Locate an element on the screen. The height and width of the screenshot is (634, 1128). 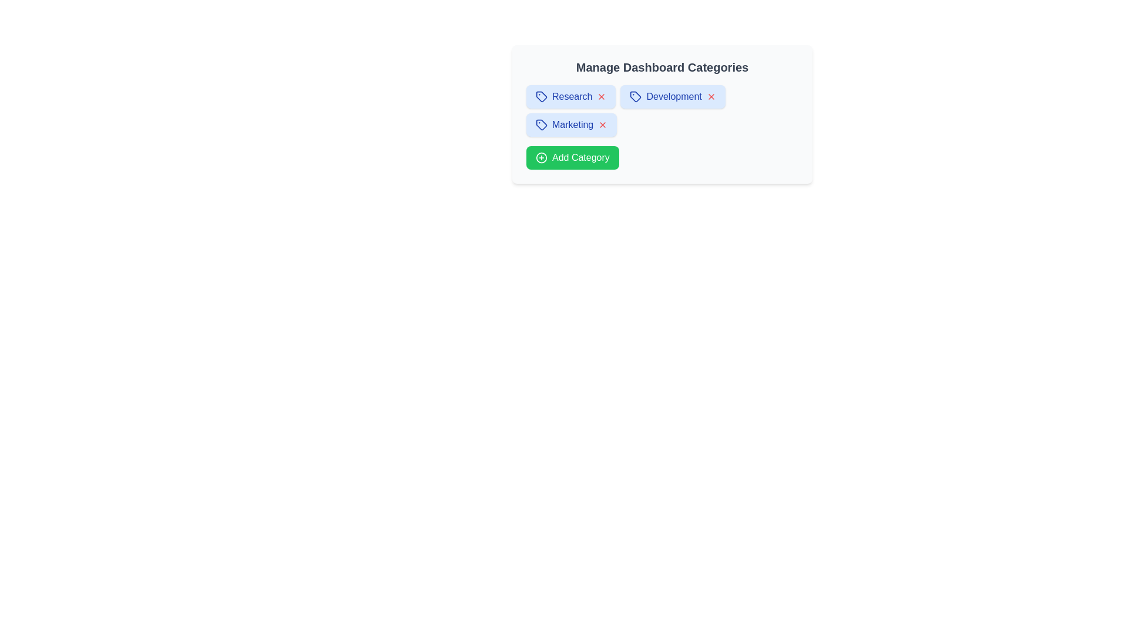
'X' icon on the chip corresponding to the category Research is located at coordinates (602, 96).